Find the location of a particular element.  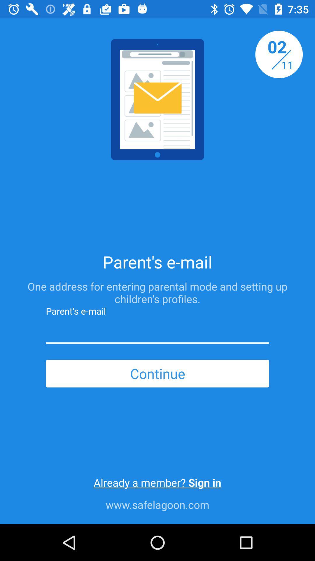

give parent 's e-mail address is located at coordinates (157, 332).